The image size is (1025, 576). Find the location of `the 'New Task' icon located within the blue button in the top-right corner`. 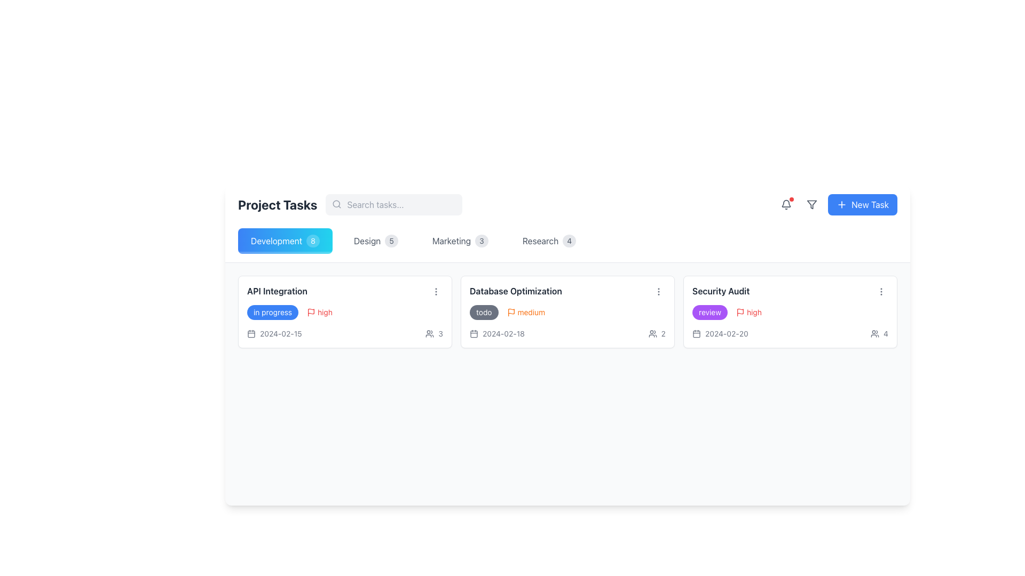

the 'New Task' icon located within the blue button in the top-right corner is located at coordinates (841, 205).